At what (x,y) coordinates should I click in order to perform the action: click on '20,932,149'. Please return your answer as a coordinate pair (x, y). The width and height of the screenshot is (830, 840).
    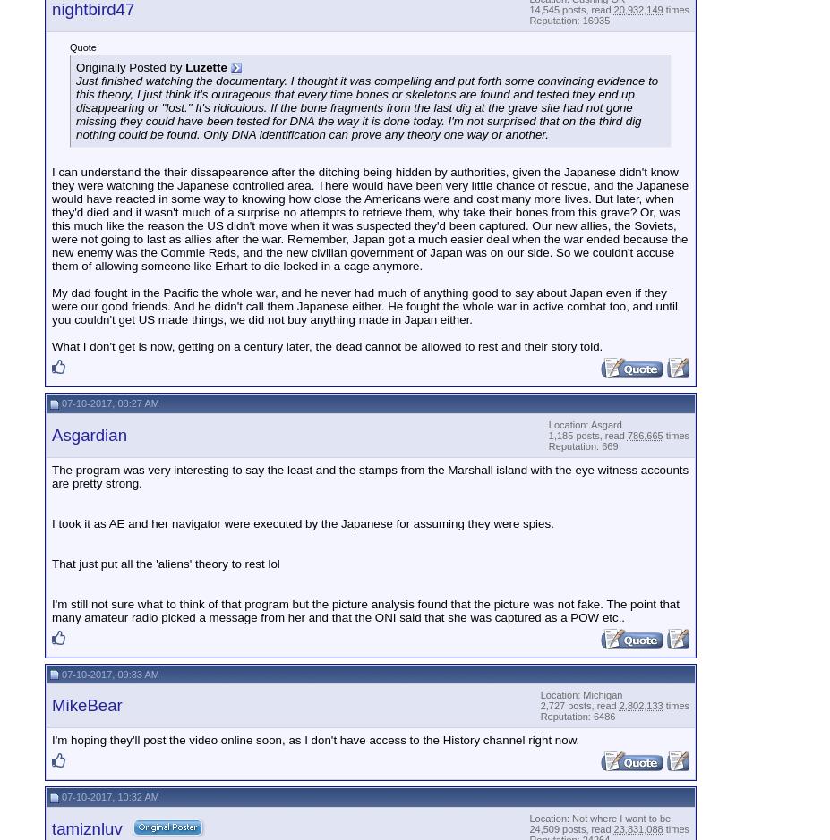
    Looking at the image, I should click on (637, 8).